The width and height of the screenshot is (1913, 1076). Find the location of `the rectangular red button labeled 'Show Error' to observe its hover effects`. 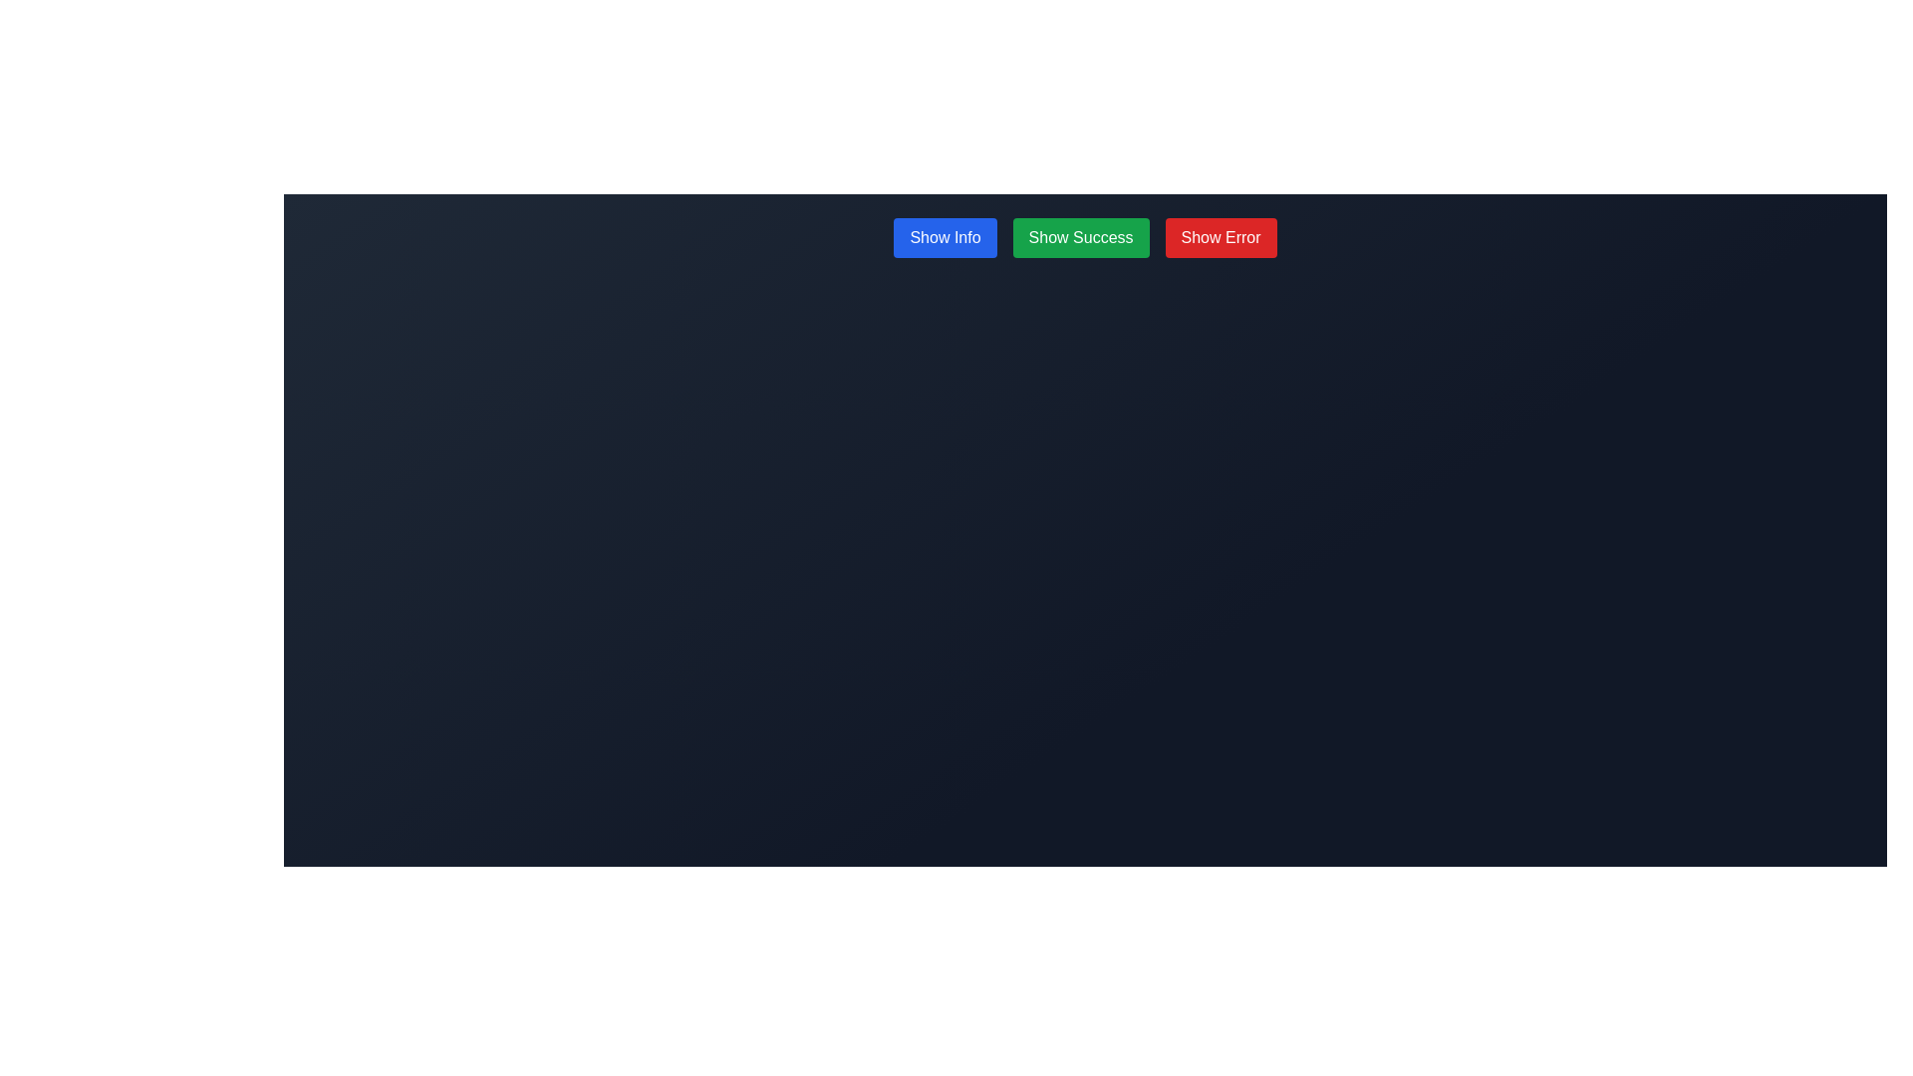

the rectangular red button labeled 'Show Error' to observe its hover effects is located at coordinates (1220, 237).